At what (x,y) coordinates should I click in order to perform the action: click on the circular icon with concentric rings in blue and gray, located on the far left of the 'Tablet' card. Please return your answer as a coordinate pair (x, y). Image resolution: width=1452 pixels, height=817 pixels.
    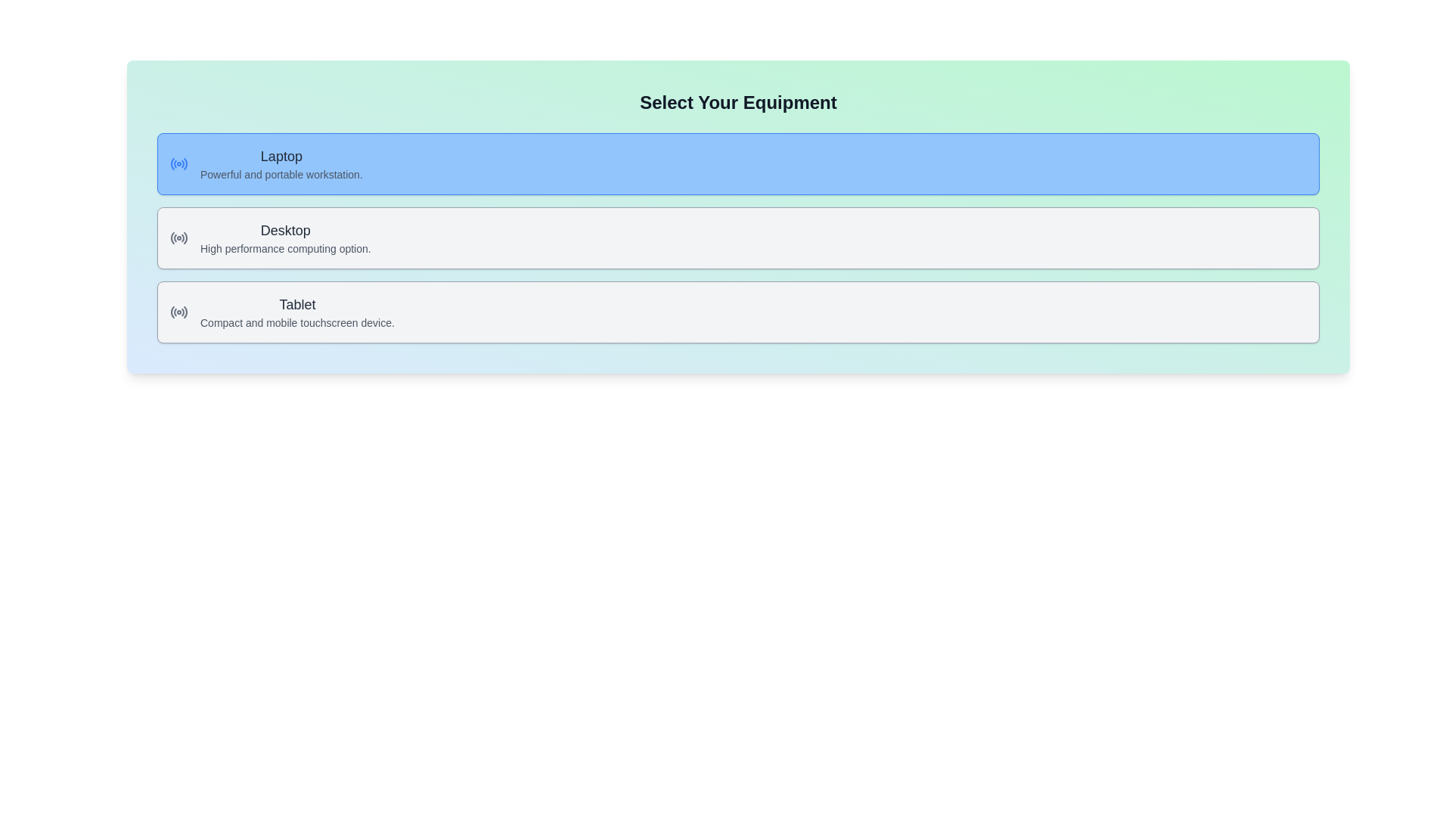
    Looking at the image, I should click on (178, 311).